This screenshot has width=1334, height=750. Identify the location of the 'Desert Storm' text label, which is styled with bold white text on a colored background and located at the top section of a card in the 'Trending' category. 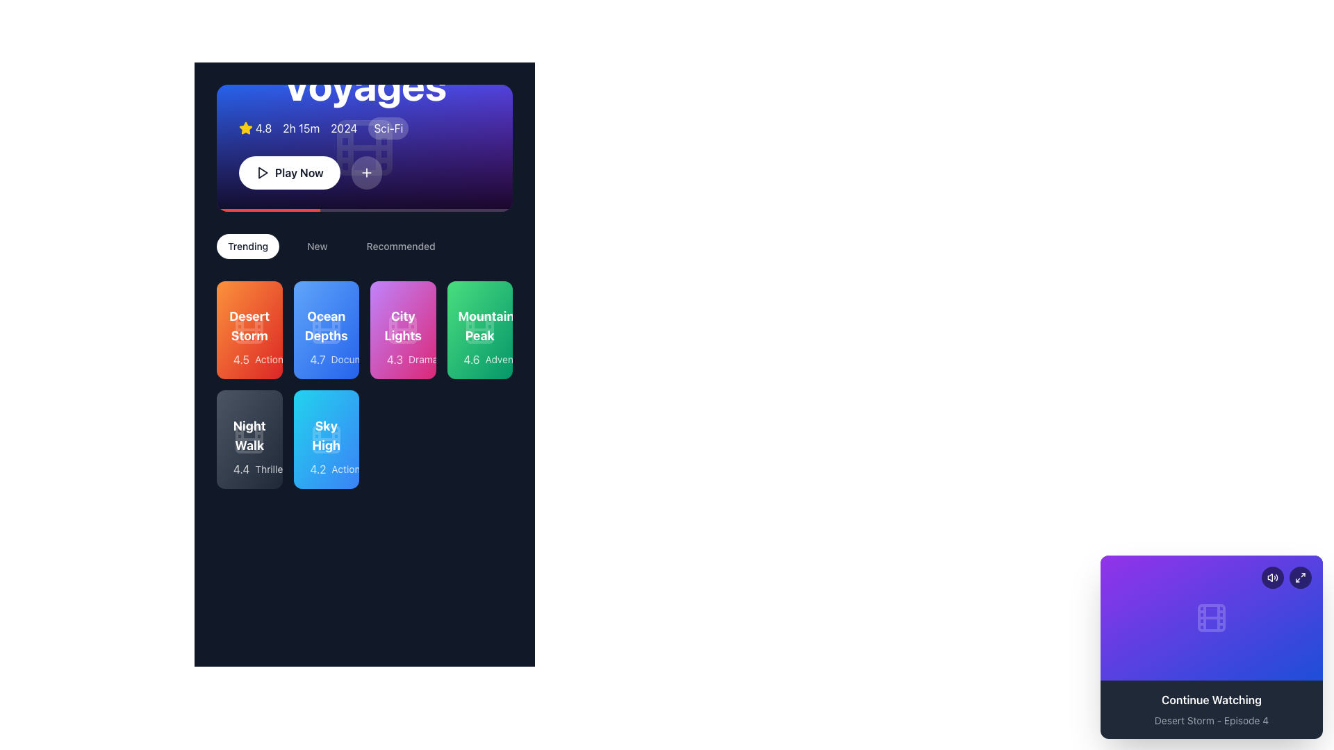
(249, 326).